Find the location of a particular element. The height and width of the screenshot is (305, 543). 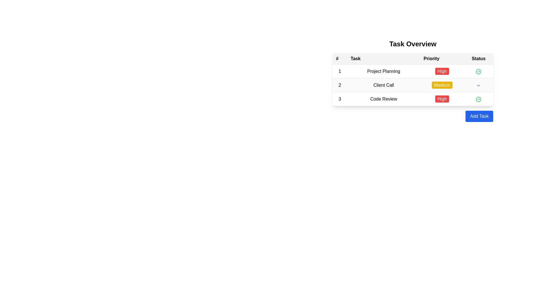

the Dropdown toggle icon in the 'Status' column associated with the 'Client Call' row is located at coordinates (478, 85).